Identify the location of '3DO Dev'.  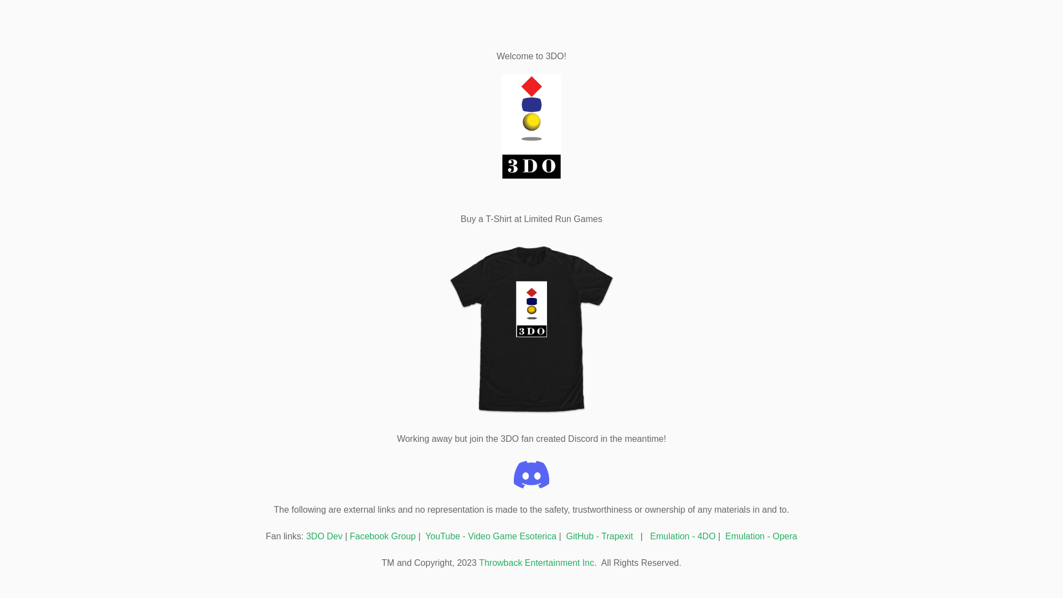
(323, 535).